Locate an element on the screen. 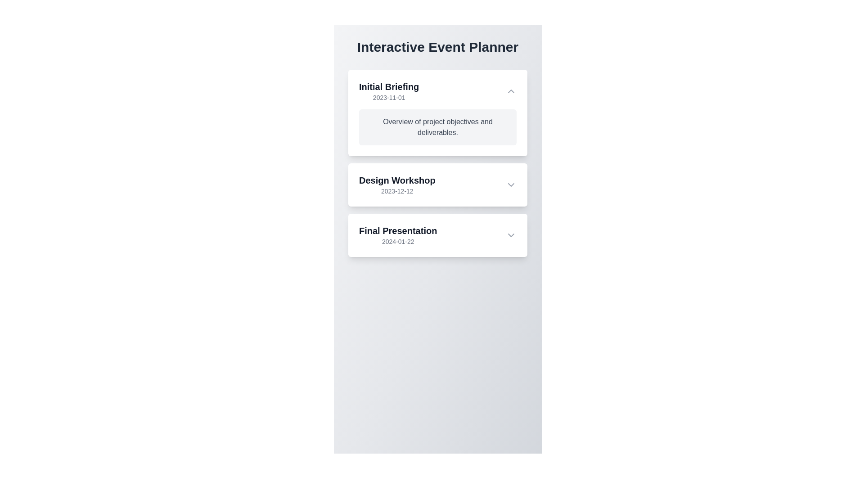 The image size is (864, 486). the static text label displaying 'Design Workshop' with the date '2023-12-12', centrally located in the second event entry of the 'Interactive Event Planner' interface is located at coordinates (396, 184).